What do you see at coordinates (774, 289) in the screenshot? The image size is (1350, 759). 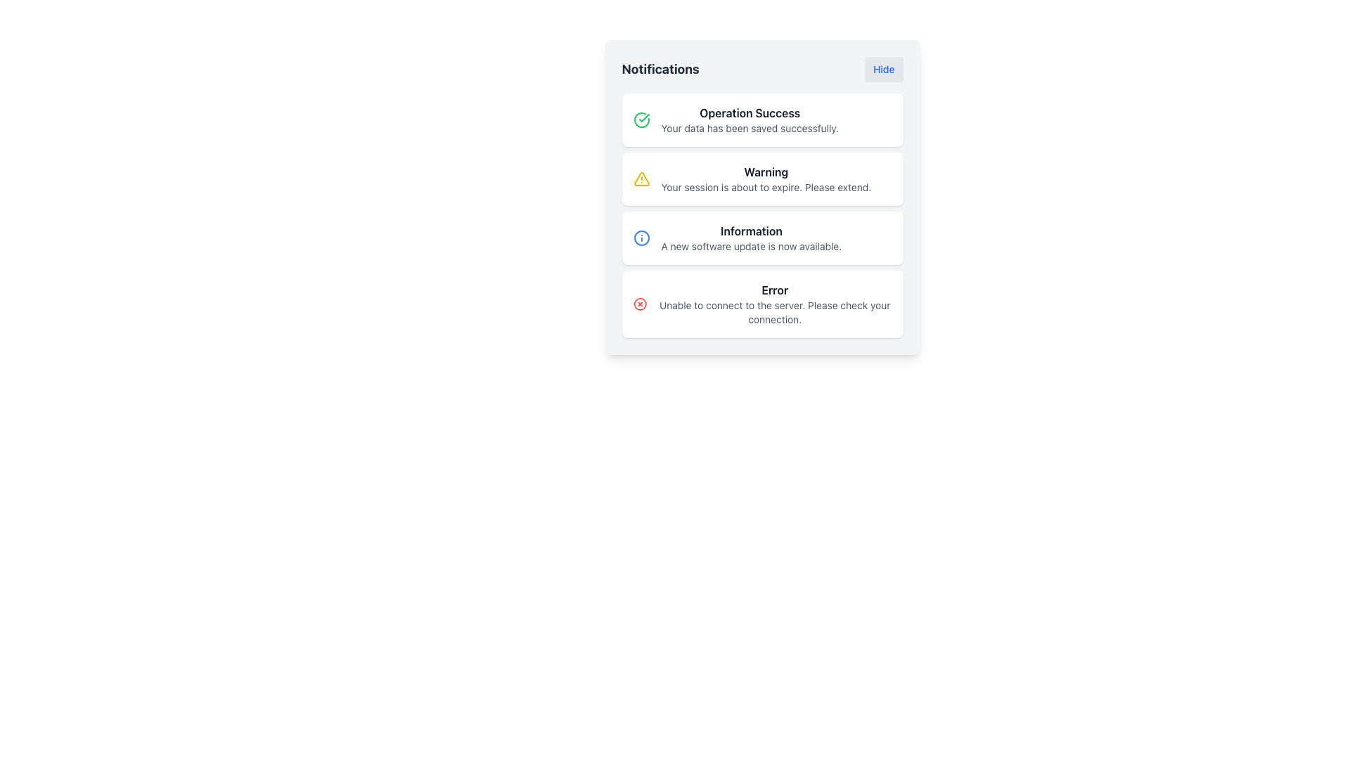 I see `the error notification title label which summarizes the notification's purpose, positioned above the message 'Unable to connect to the server.'` at bounding box center [774, 289].